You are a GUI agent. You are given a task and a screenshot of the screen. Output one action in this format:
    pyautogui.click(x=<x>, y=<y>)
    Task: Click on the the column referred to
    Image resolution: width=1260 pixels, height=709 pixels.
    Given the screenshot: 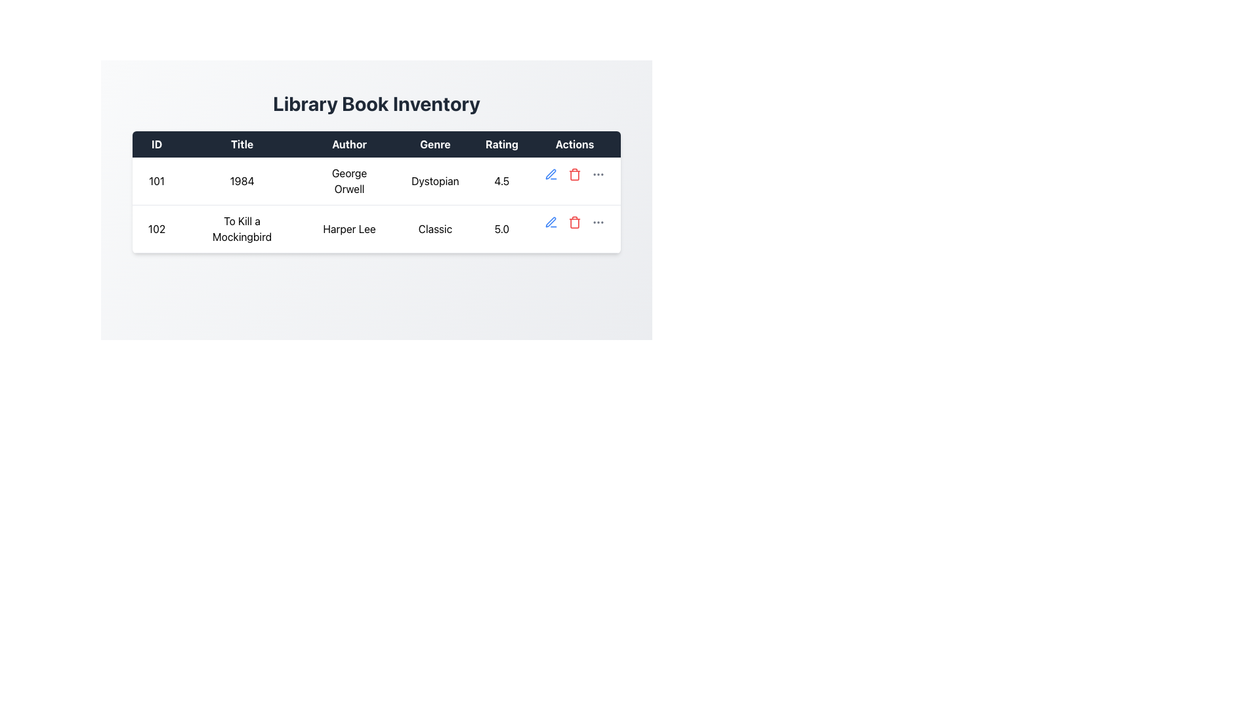 What is the action you would take?
    pyautogui.click(x=435, y=144)
    